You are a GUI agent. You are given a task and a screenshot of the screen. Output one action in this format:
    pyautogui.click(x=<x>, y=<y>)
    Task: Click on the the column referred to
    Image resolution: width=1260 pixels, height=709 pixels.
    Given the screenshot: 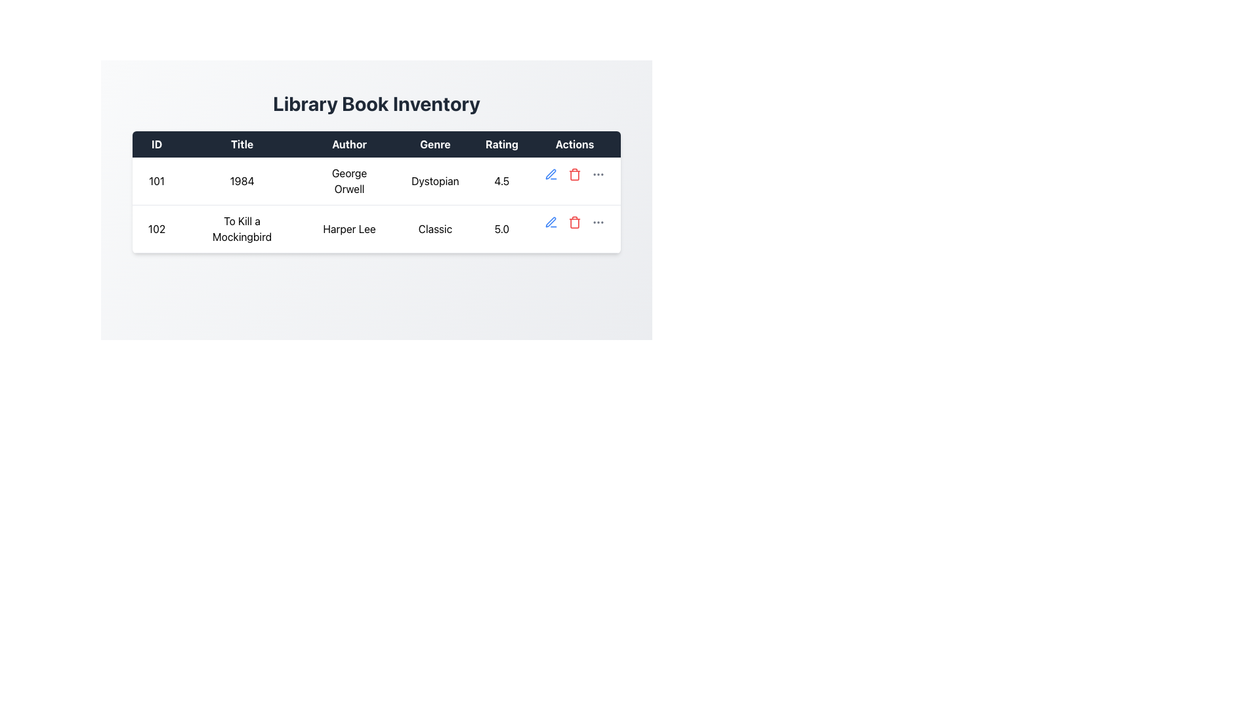 What is the action you would take?
    pyautogui.click(x=435, y=144)
    